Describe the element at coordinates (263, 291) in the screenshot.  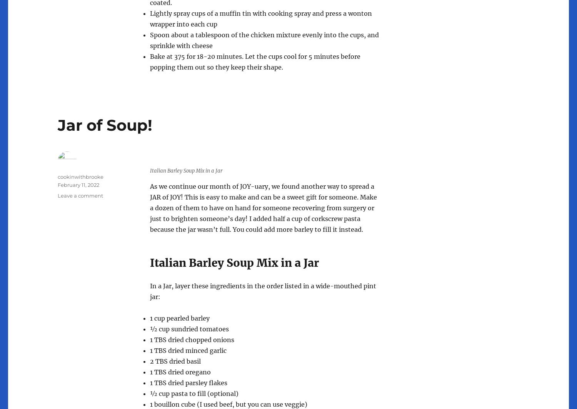
I see `'In a Jar, layer these ingredients in the order listed in a wide-mouthed pint jar:'` at that location.